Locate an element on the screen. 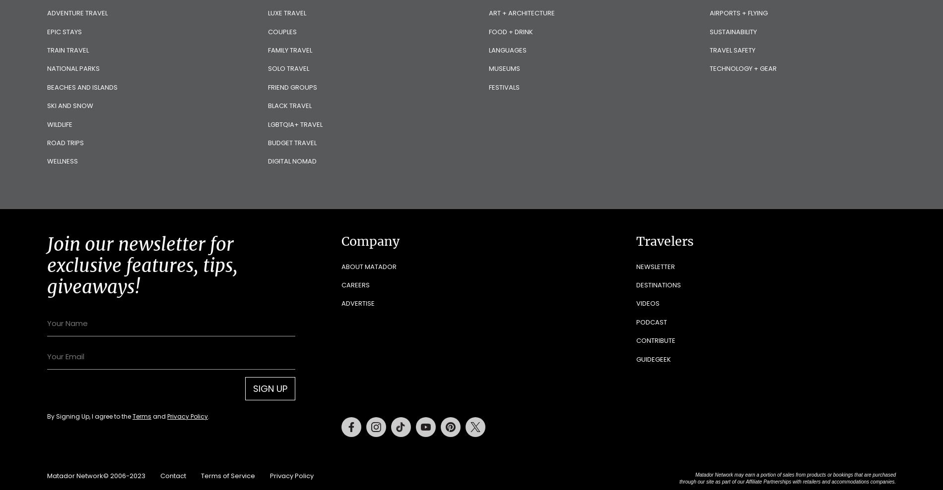  'Tiktok' is located at coordinates (420, 422).